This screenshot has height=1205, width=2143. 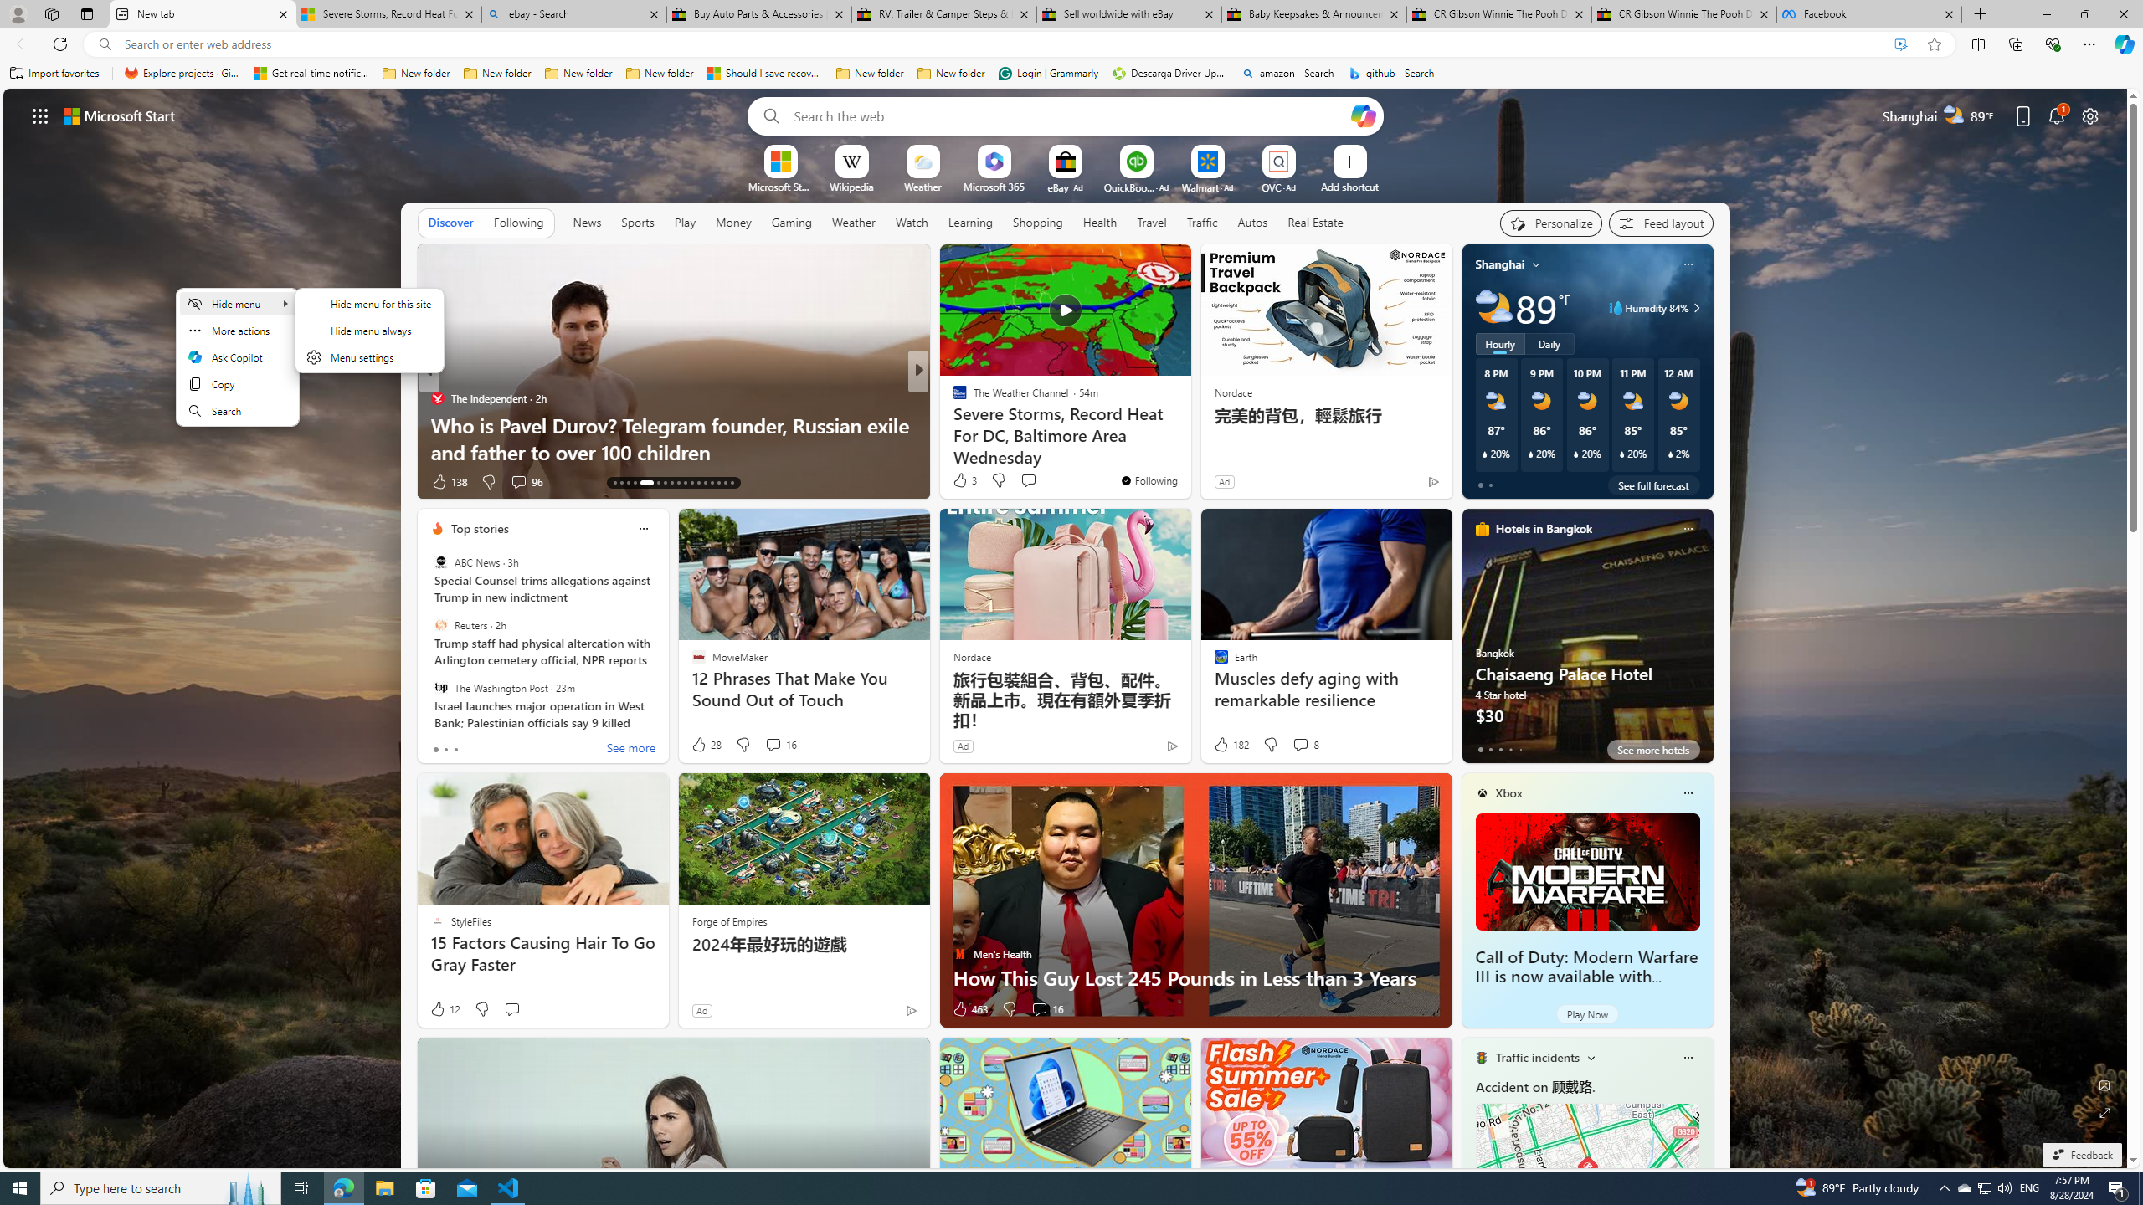 I want to click on '463 Like', so click(x=969, y=1009).